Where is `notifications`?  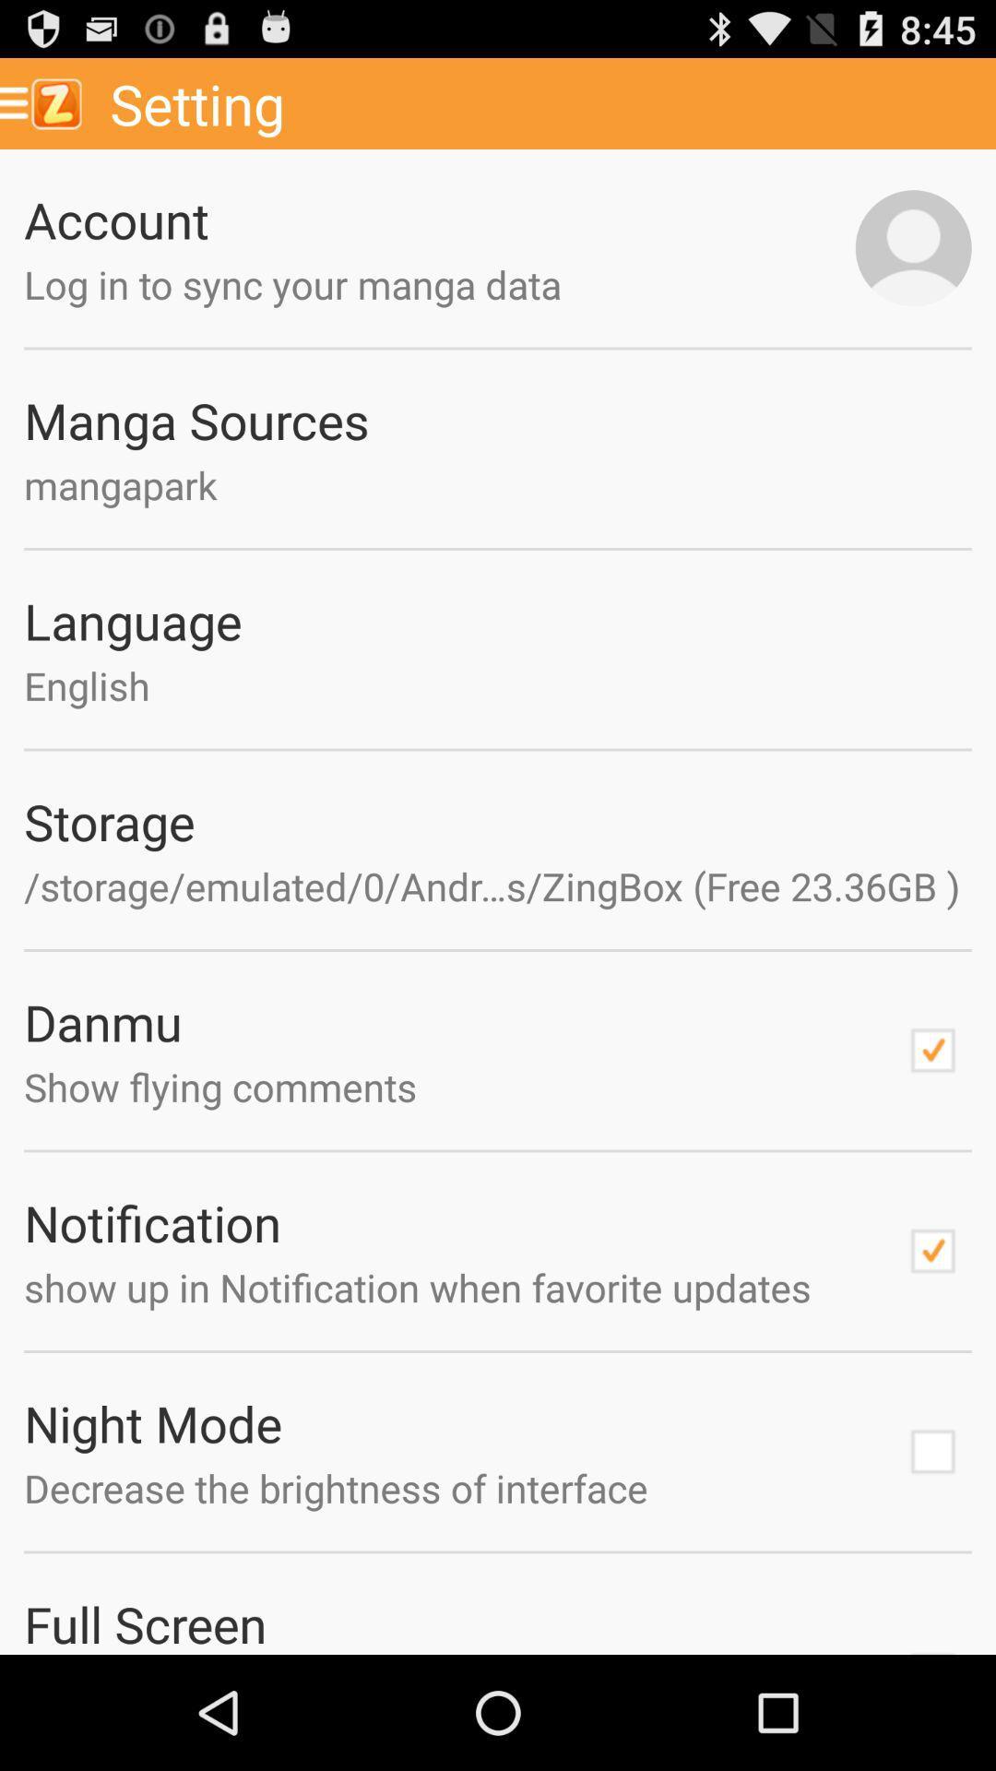 notifications is located at coordinates (932, 1251).